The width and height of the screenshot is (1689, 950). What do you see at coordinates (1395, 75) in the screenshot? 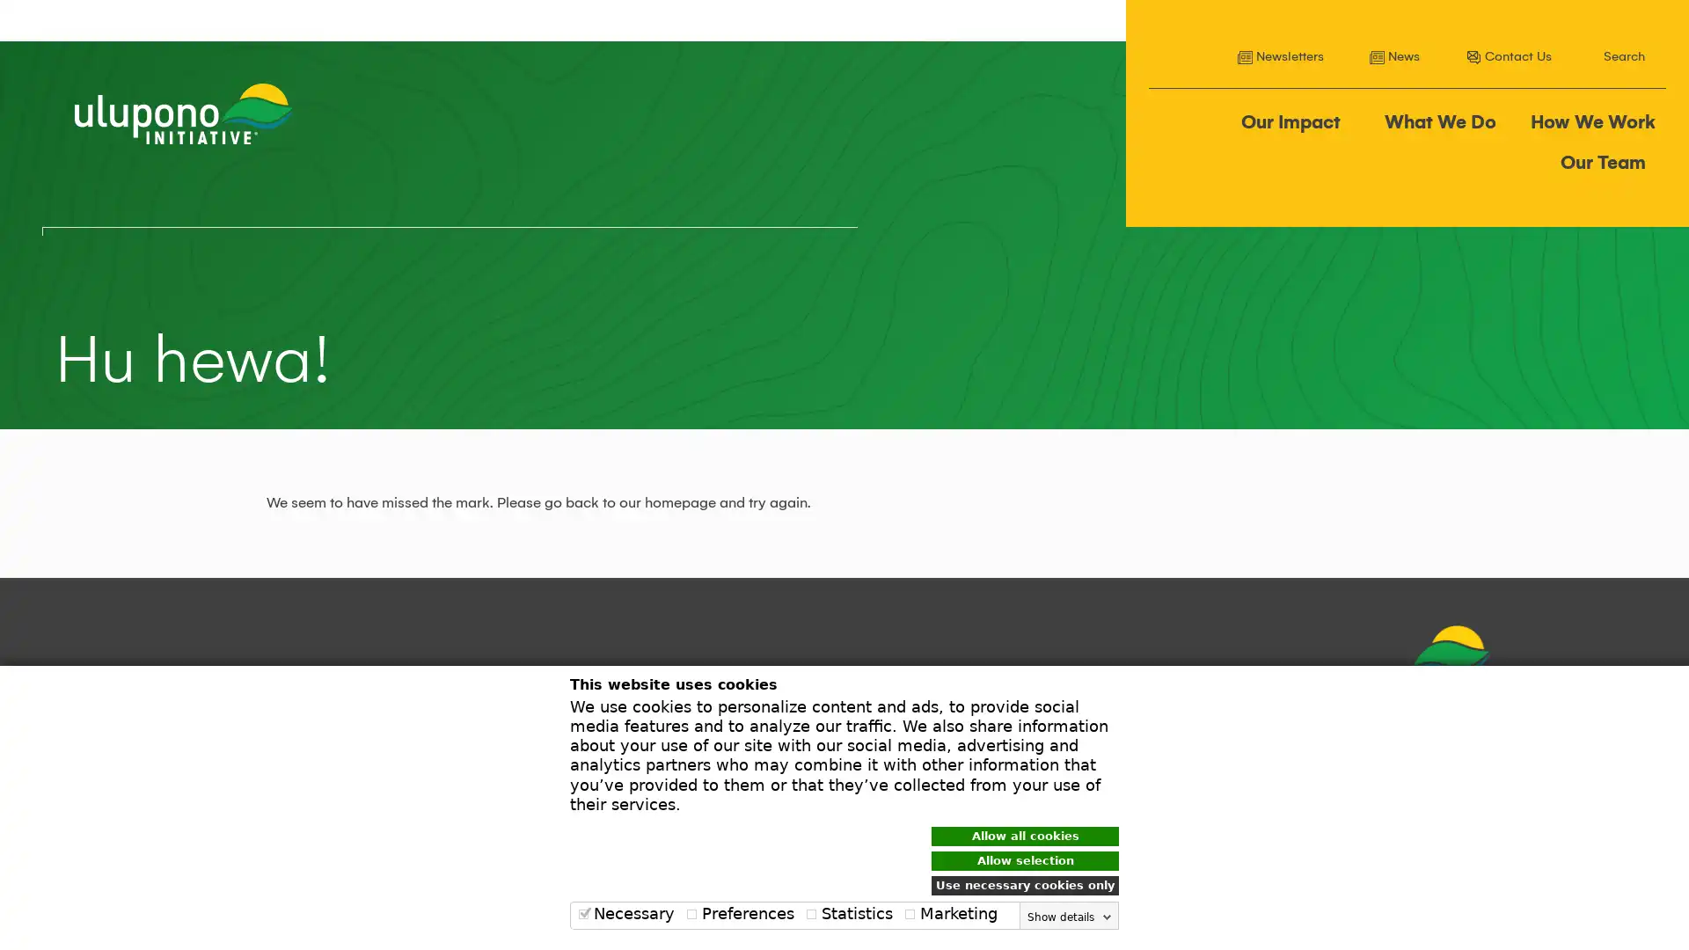
I see `Search` at bounding box center [1395, 75].